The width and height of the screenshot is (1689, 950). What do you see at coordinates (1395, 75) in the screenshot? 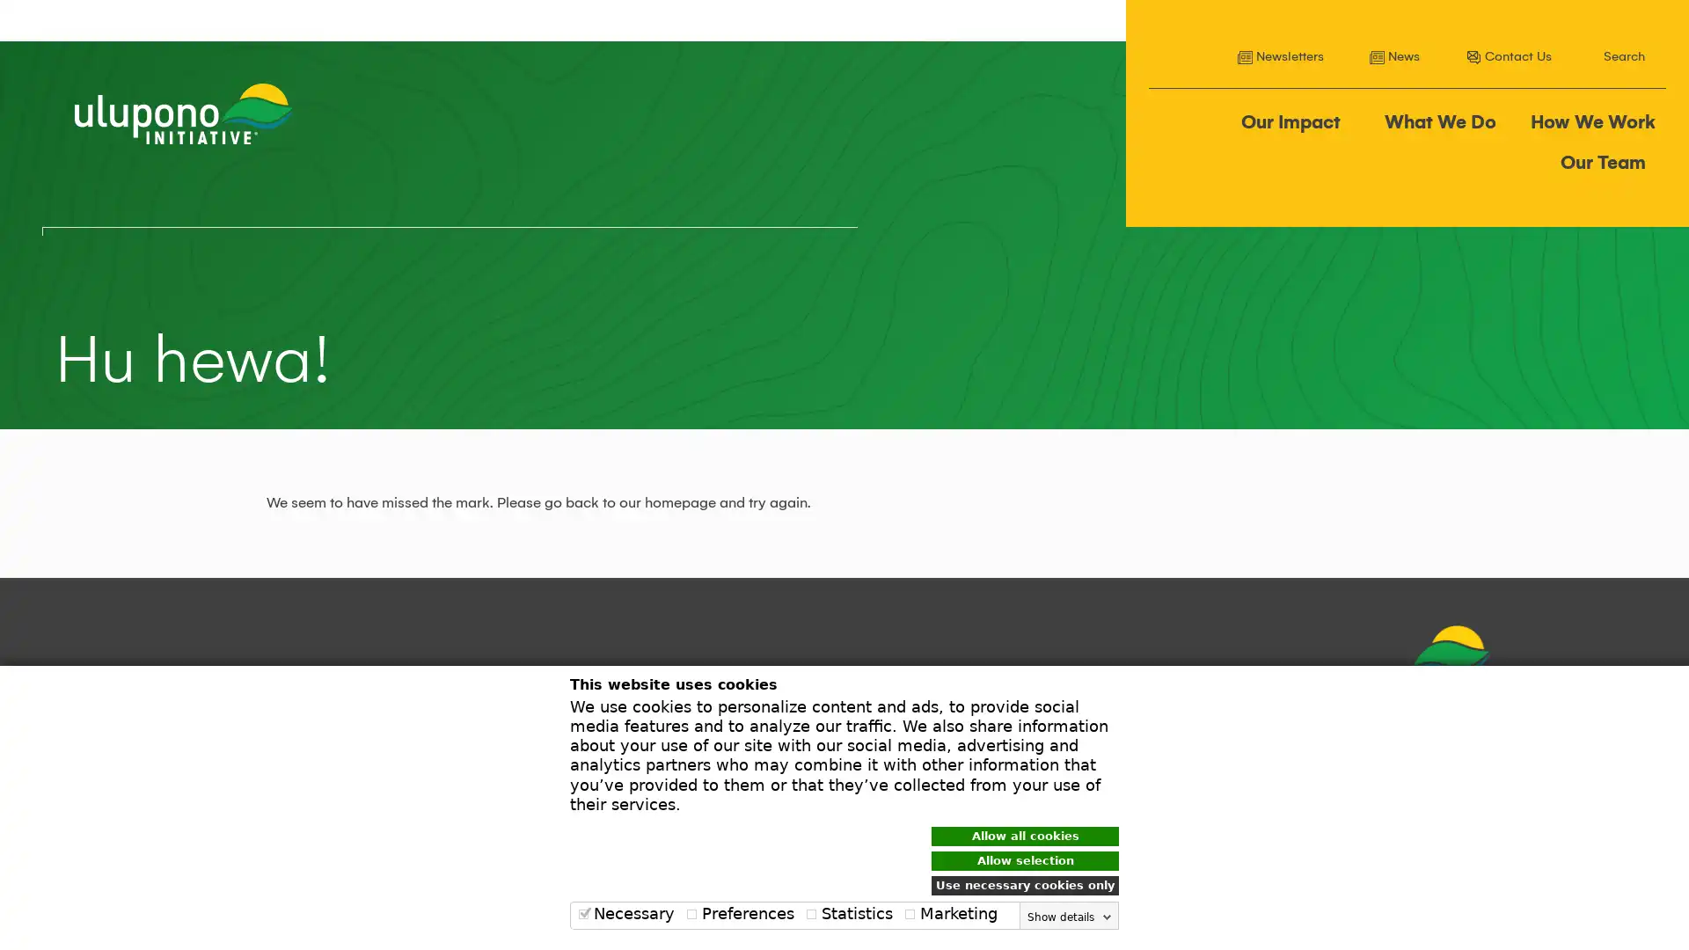
I see `Search` at bounding box center [1395, 75].